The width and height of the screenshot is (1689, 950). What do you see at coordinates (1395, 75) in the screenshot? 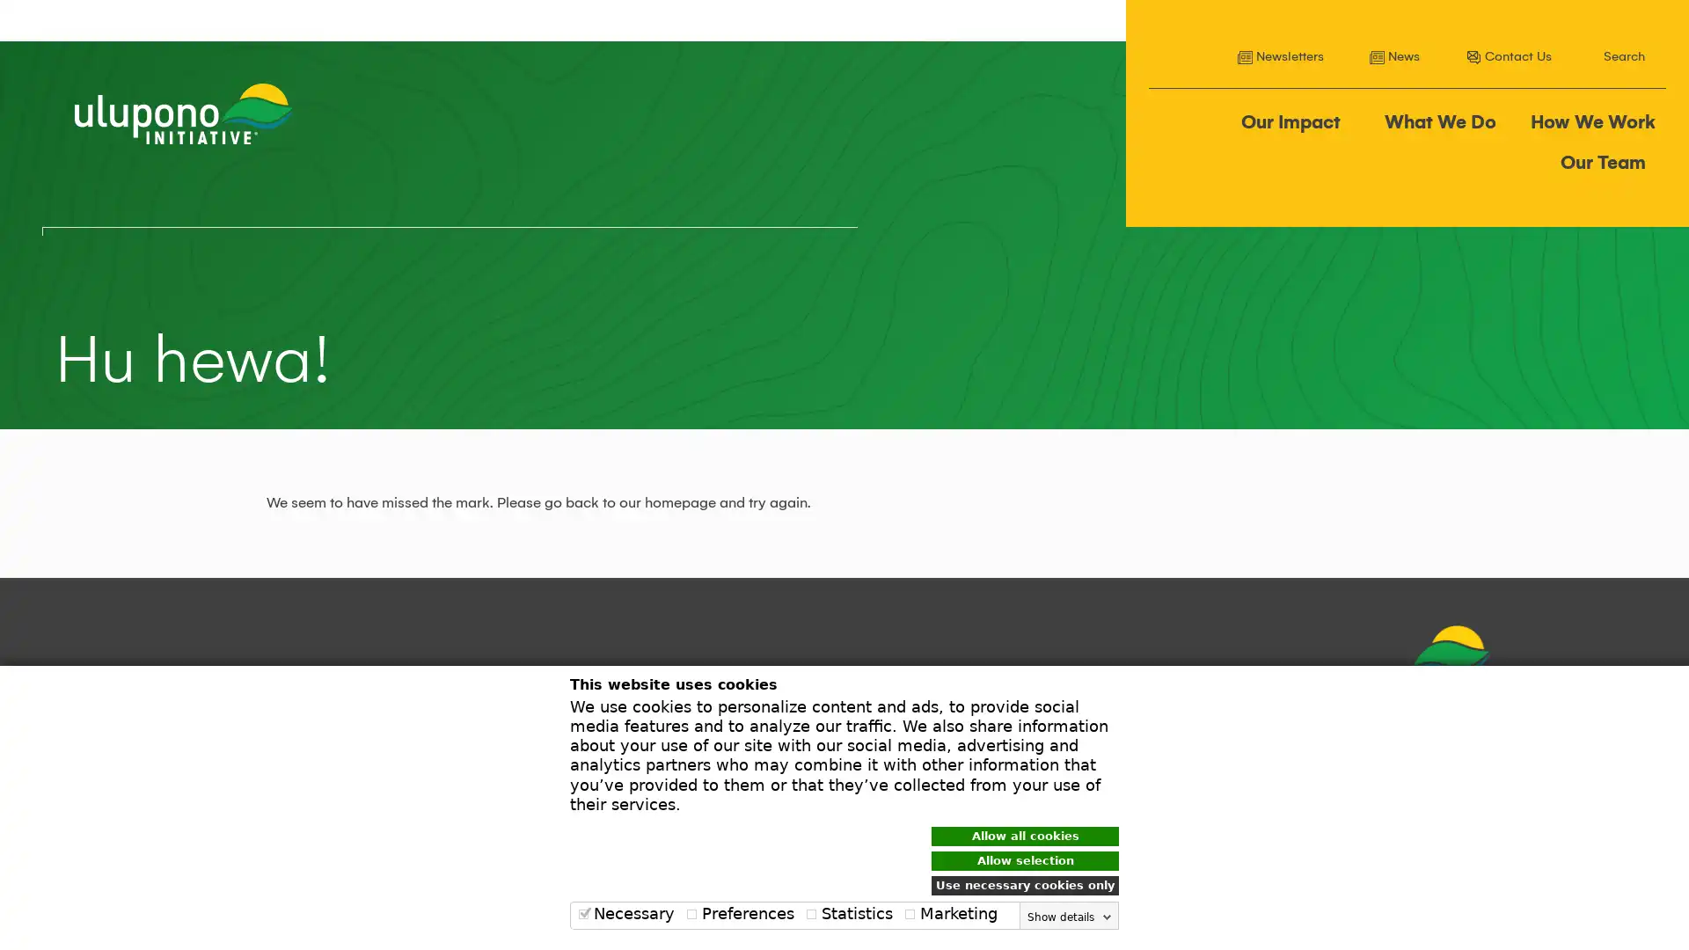
I see `Search` at bounding box center [1395, 75].